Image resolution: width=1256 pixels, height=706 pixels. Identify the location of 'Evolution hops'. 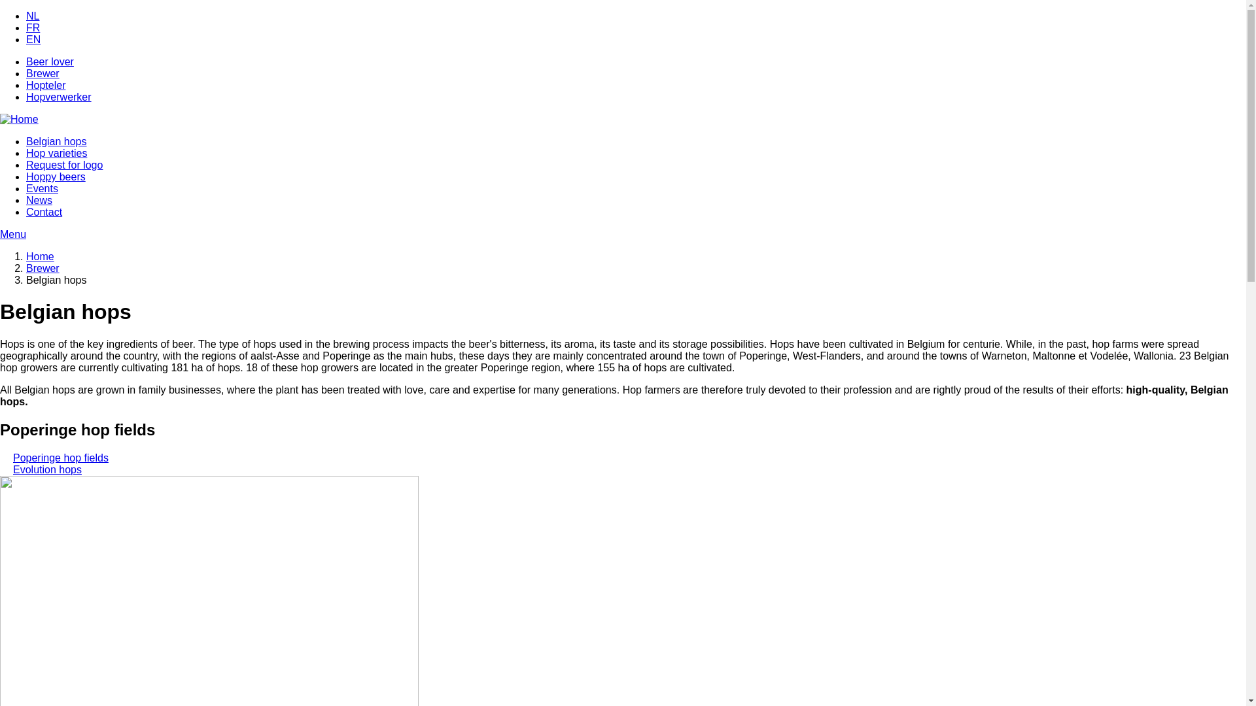
(47, 469).